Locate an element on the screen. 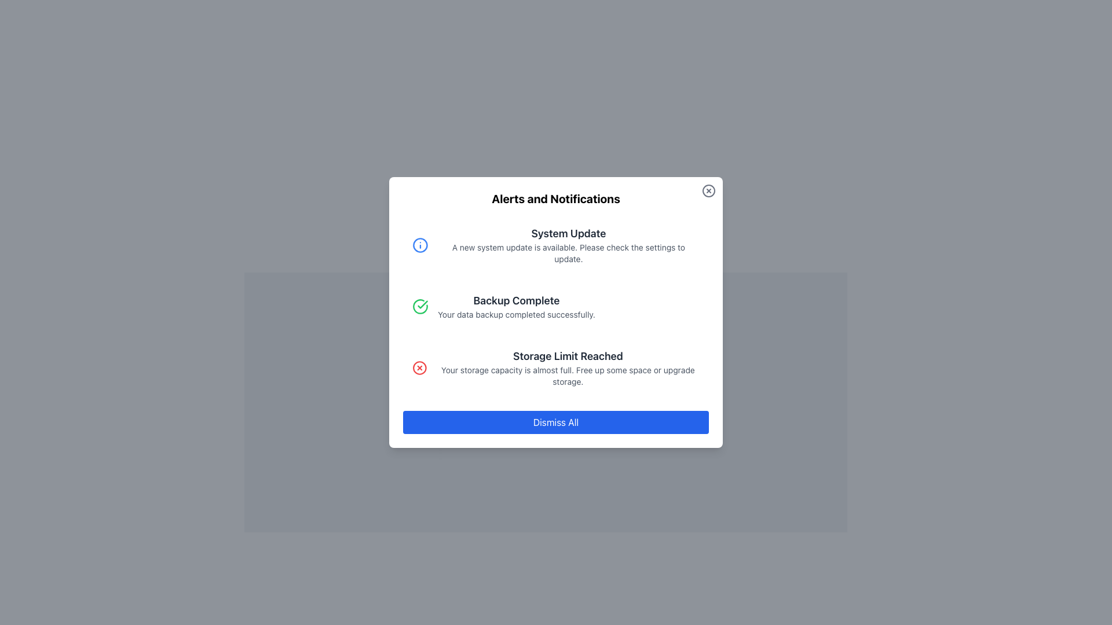 Image resolution: width=1112 pixels, height=625 pixels. the status indicator icon that visually confirms the successful completion of the backup process, located in the notification card with the text 'Backup Complete', which is the second notification in the list is located at coordinates (419, 306).